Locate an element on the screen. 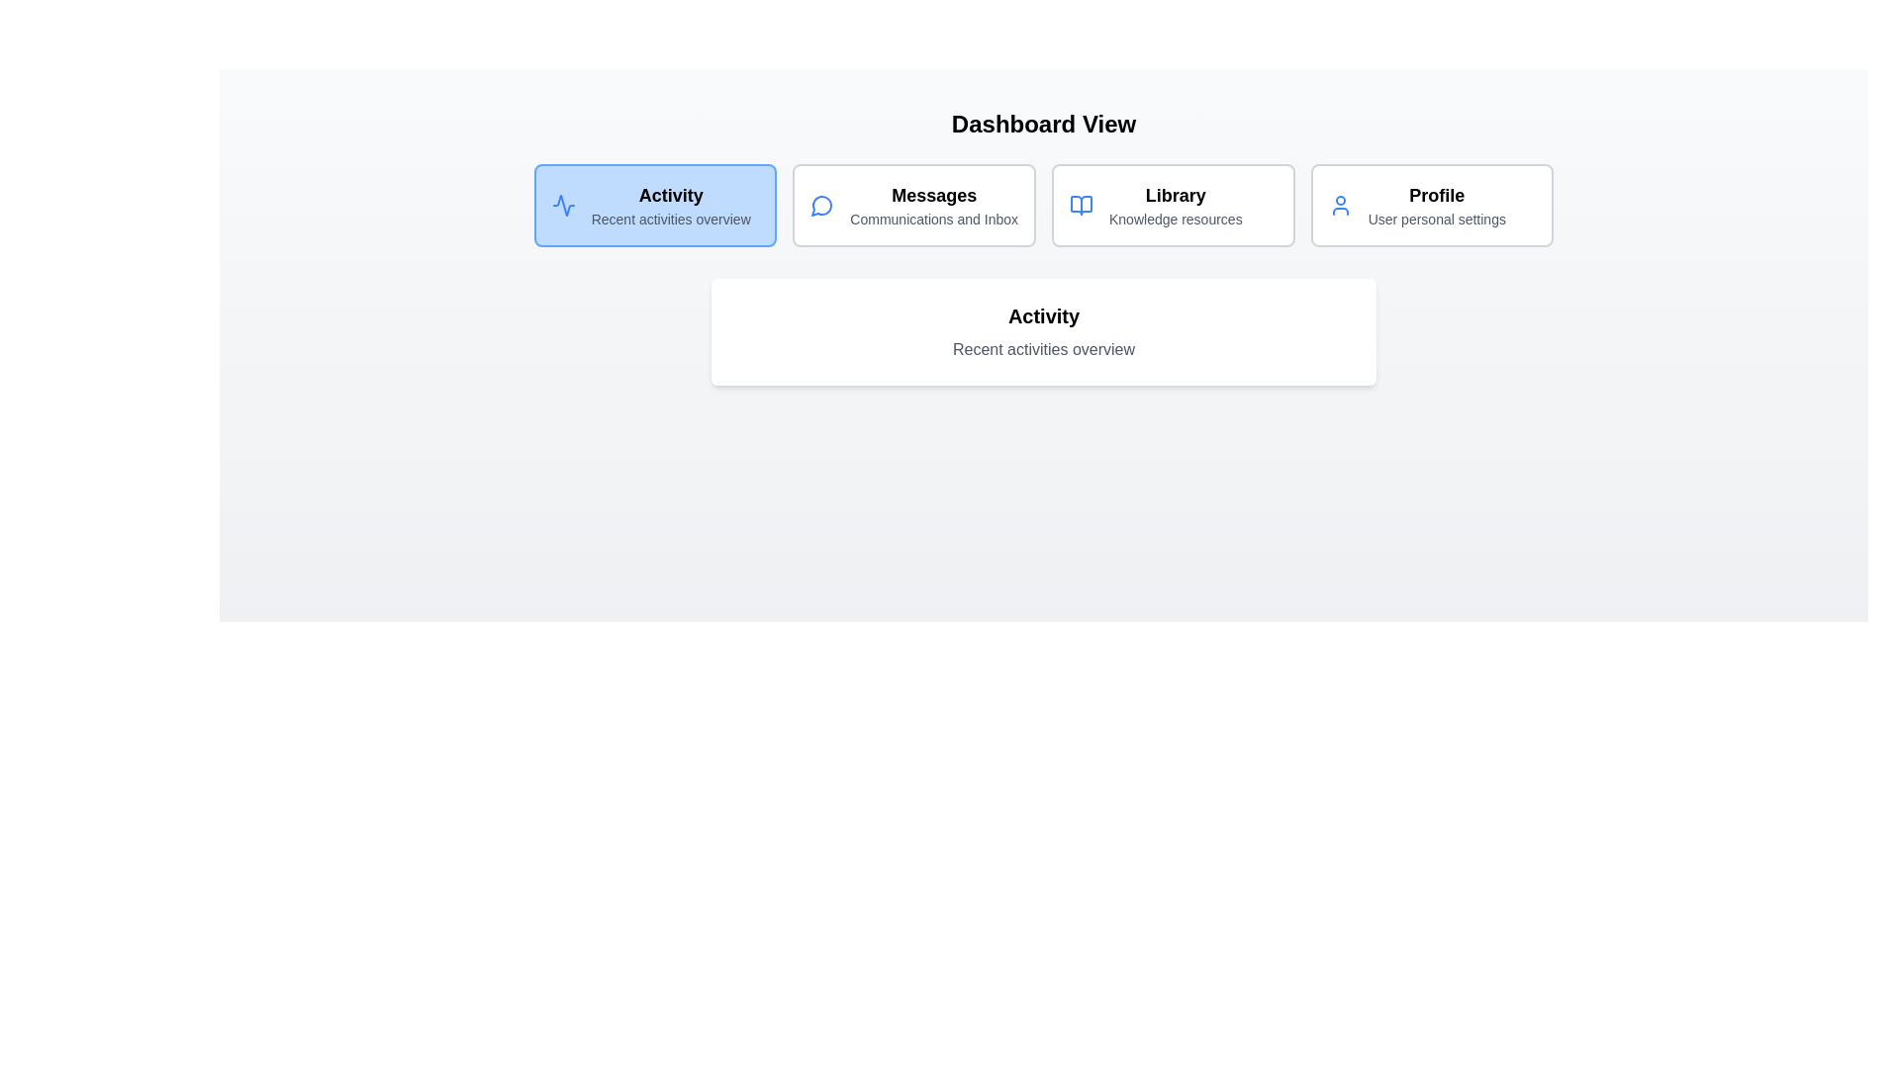 The height and width of the screenshot is (1068, 1900). the tab corresponding to Profile is located at coordinates (1431, 206).